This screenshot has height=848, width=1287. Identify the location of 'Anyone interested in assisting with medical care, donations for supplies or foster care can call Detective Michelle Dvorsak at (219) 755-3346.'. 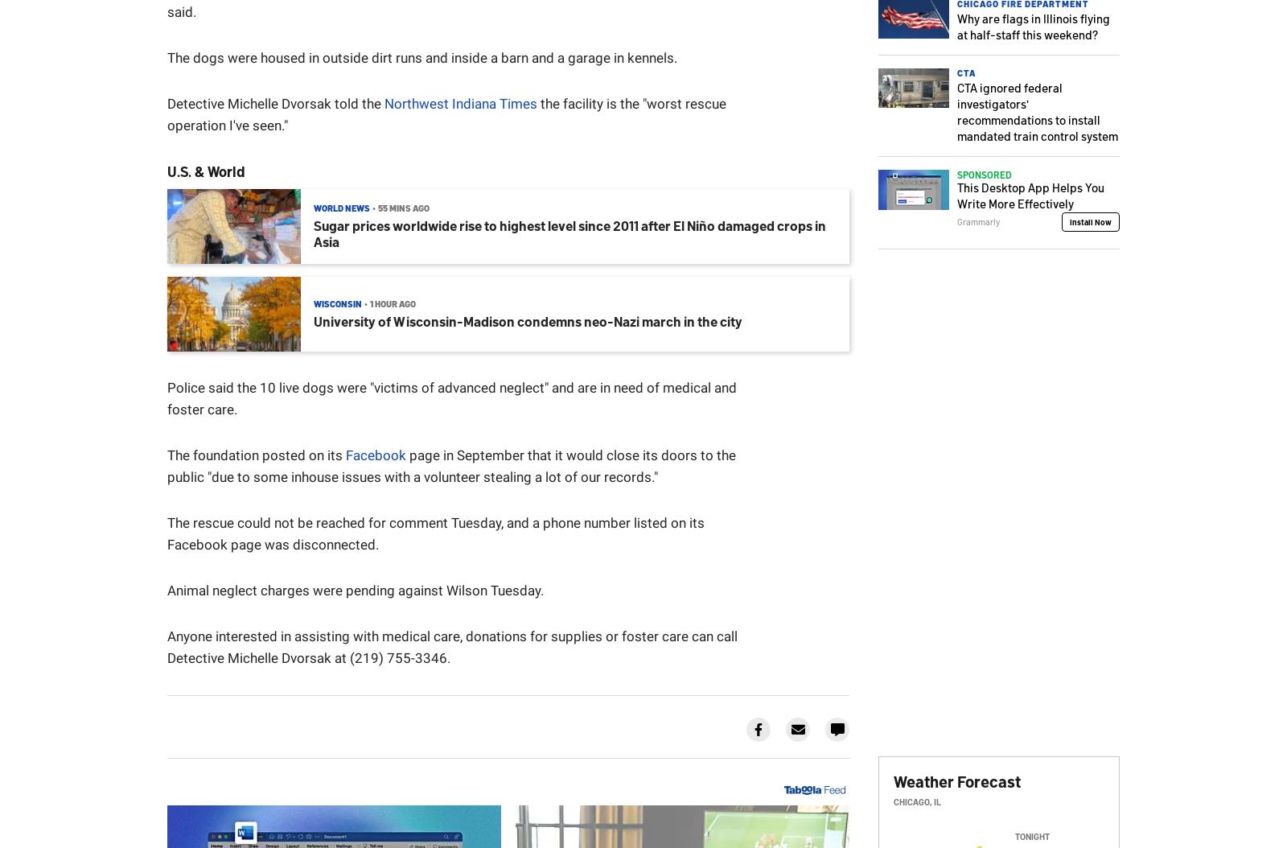
(451, 646).